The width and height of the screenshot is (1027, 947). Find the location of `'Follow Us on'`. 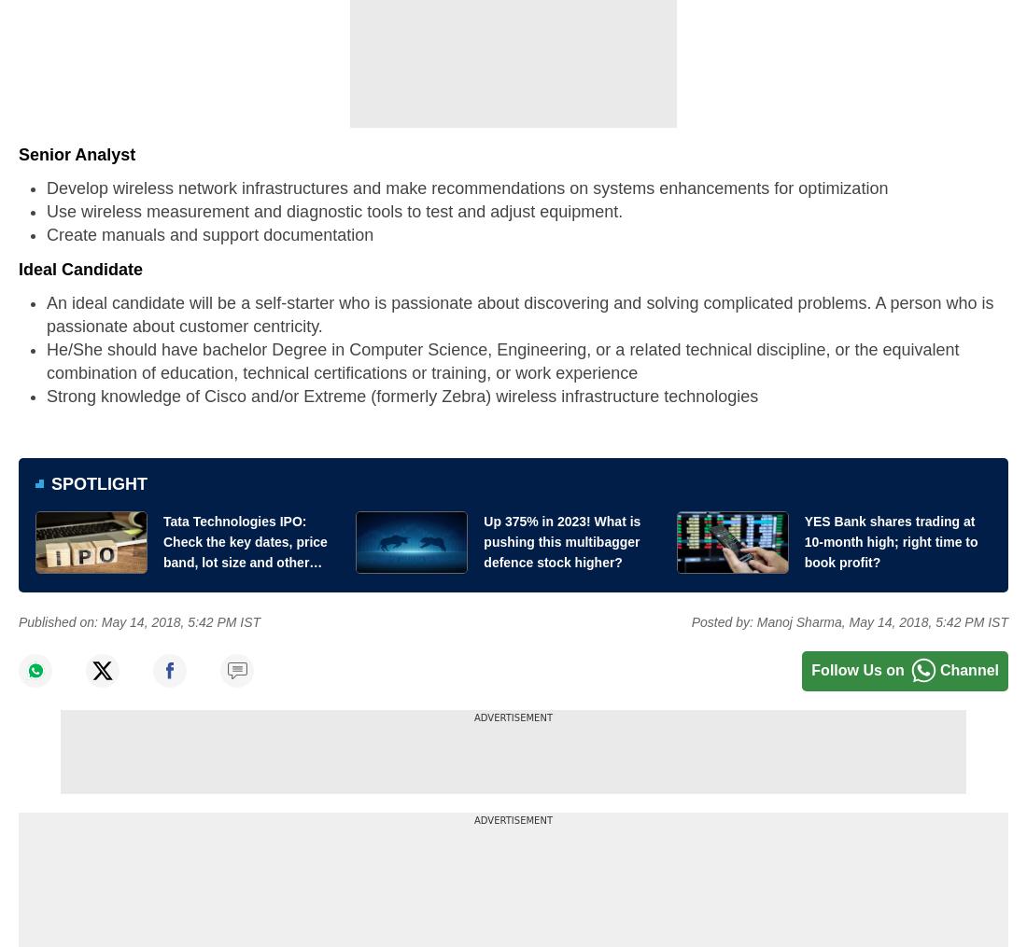

'Follow Us on' is located at coordinates (857, 670).